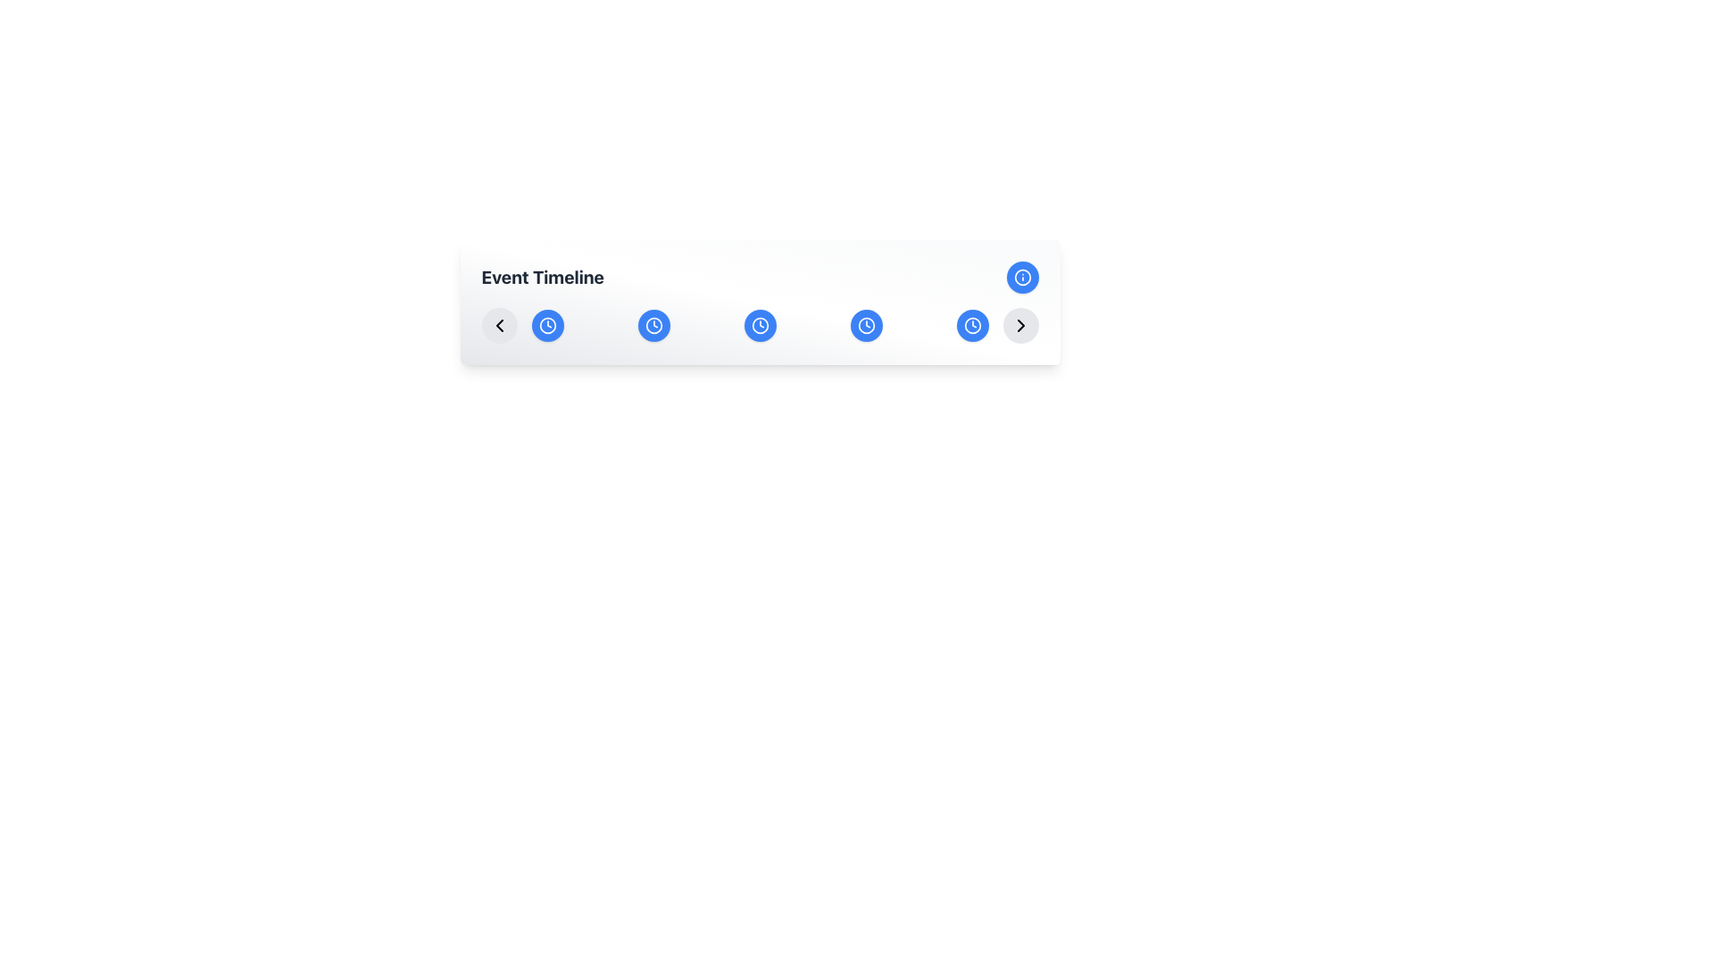  What do you see at coordinates (971, 326) in the screenshot?
I see `the circular blue icon with a white clock symbol` at bounding box center [971, 326].